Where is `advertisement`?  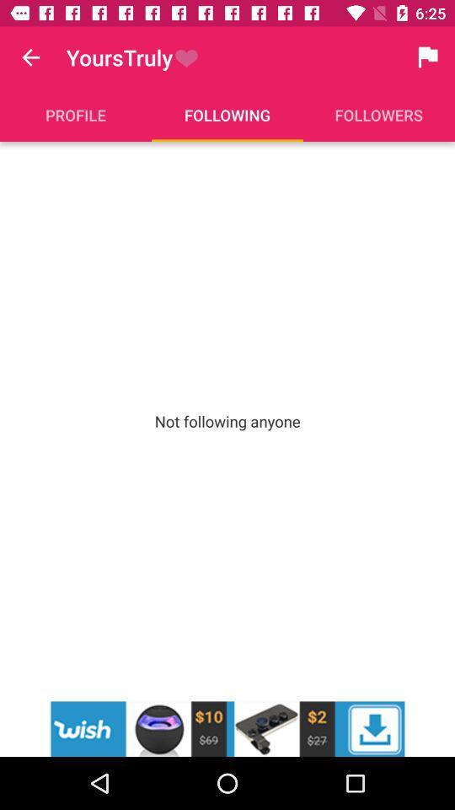
advertisement is located at coordinates (227, 728).